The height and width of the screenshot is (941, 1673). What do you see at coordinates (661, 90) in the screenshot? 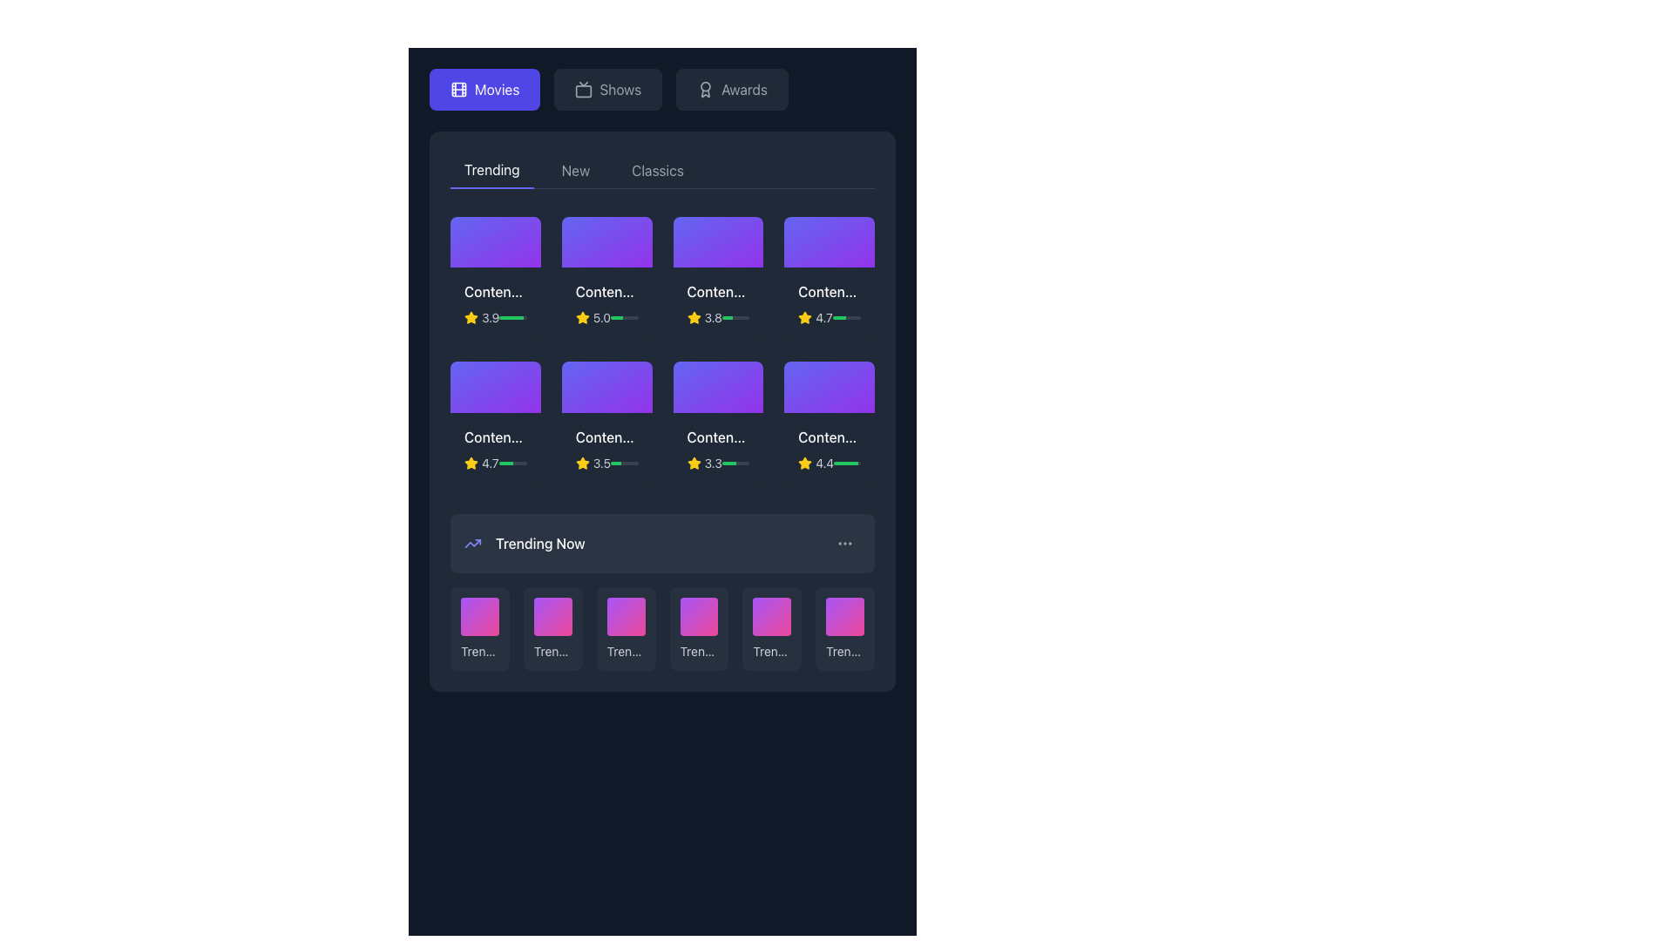
I see `the 'Shows' button, which is the second button in a horizontal stack of three buttons near the top of the page` at bounding box center [661, 90].